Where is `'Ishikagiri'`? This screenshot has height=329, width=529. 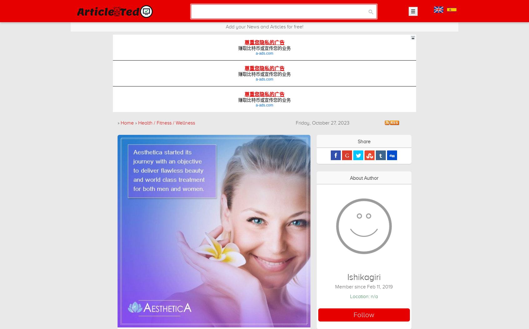
'Ishikagiri' is located at coordinates (363, 277).